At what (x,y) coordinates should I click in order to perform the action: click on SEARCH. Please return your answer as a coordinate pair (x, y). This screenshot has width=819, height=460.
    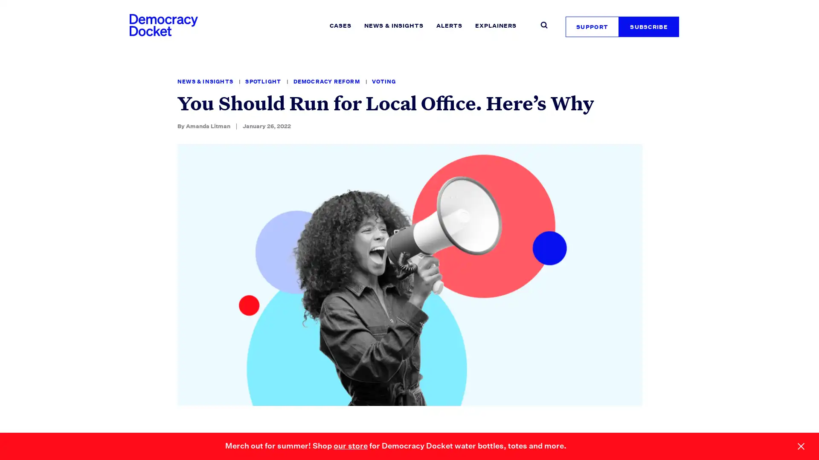
    Looking at the image, I should click on (569, 21).